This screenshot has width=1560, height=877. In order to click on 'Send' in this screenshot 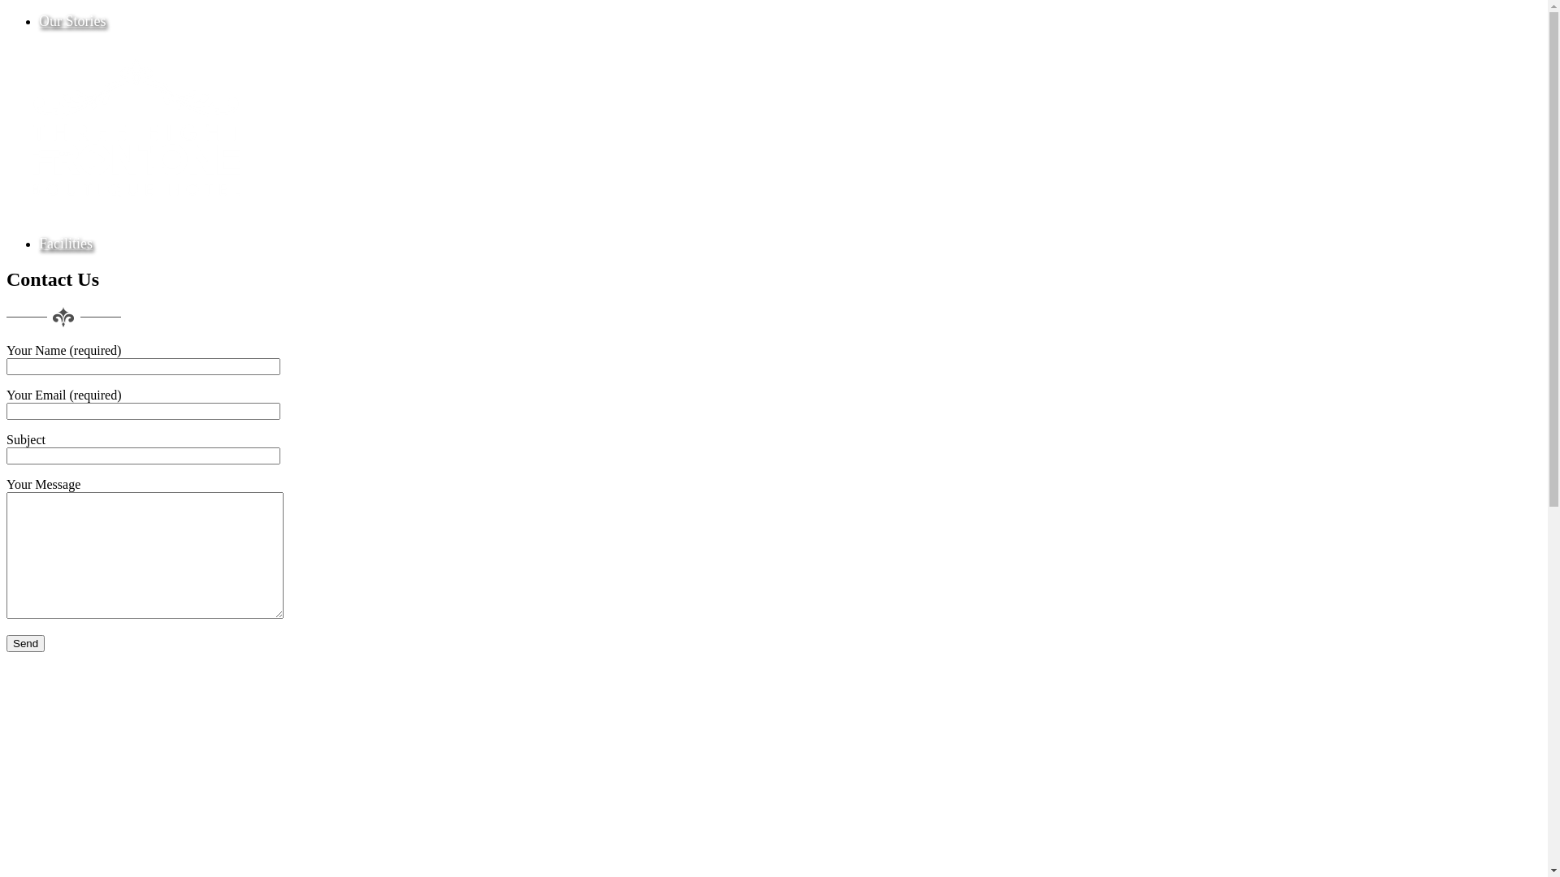, I will do `click(25, 642)`.